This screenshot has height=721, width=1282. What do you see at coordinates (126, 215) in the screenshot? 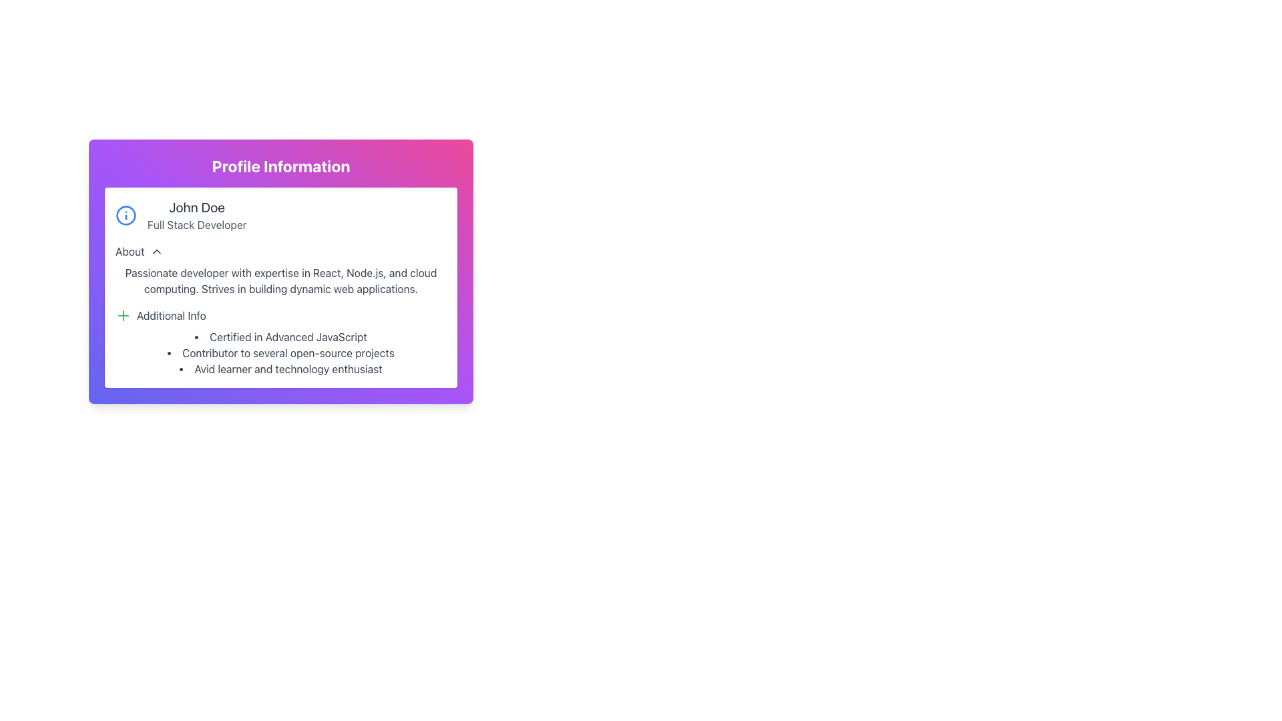
I see `the circular blue 'i' icon located to the left of 'John Doe' in the header section of the profile card` at bounding box center [126, 215].